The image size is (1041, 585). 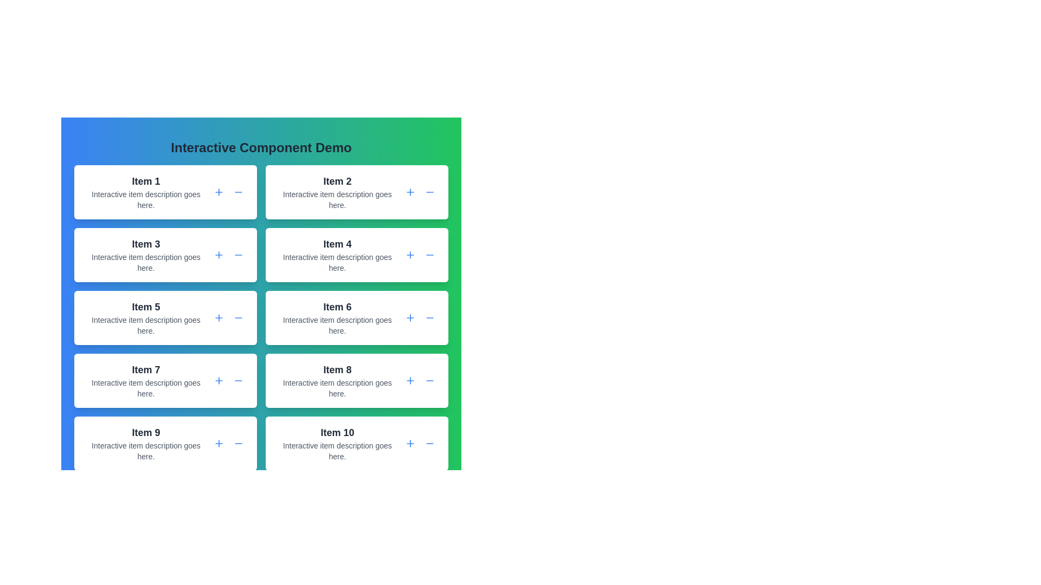 I want to click on the blue plus icon button styled as an icon, so click(x=218, y=255).